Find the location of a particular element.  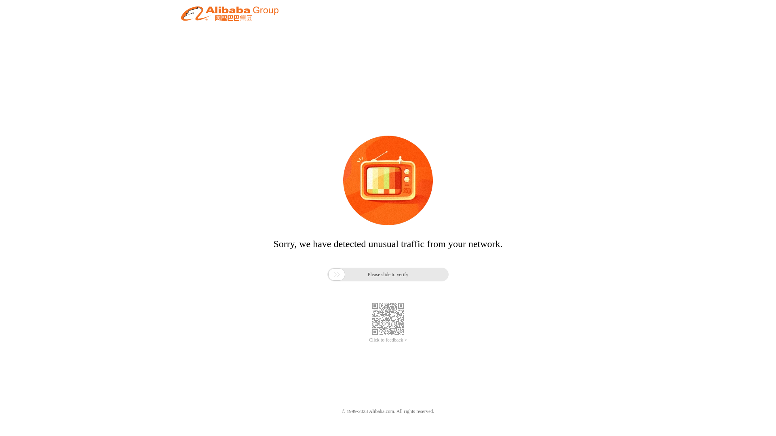

'Click to feedback >' is located at coordinates (388, 340).